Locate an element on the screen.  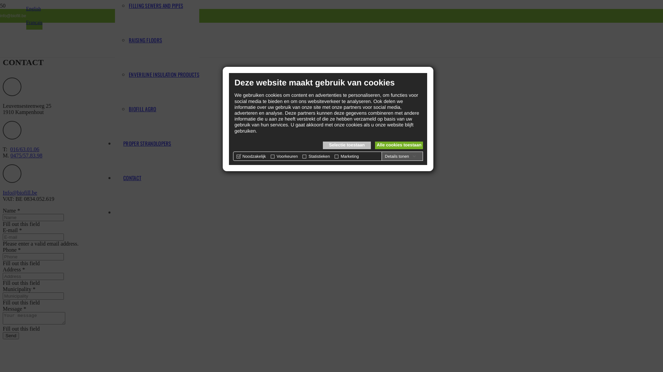
'FILLING SEWERS AND PIPES' is located at coordinates (155, 5).